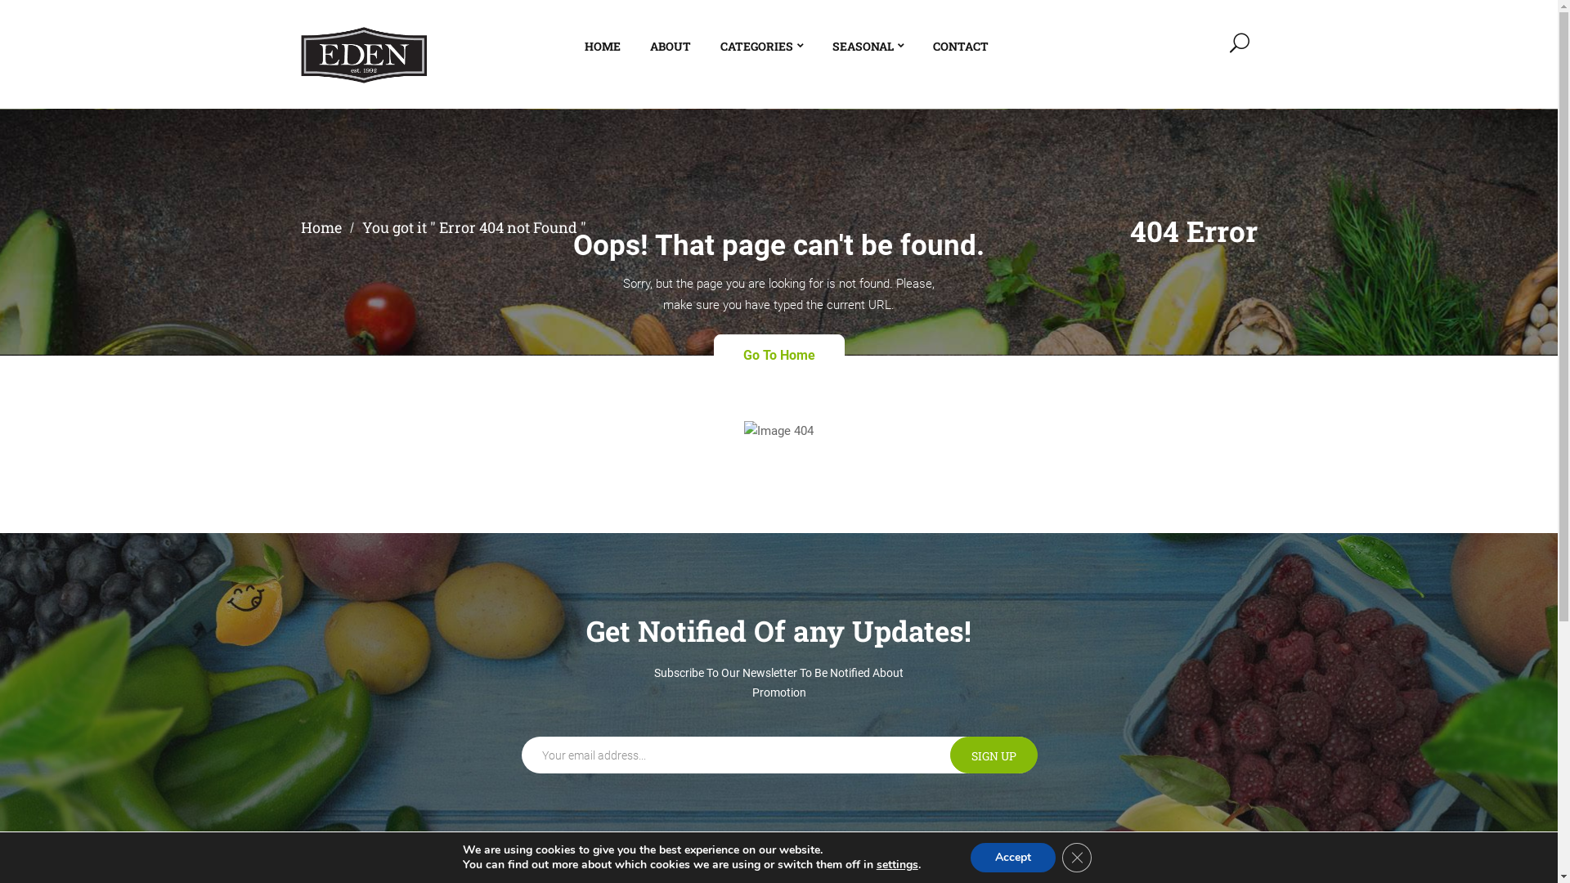 The image size is (1570, 883). What do you see at coordinates (760, 46) in the screenshot?
I see `'CATEGORIES'` at bounding box center [760, 46].